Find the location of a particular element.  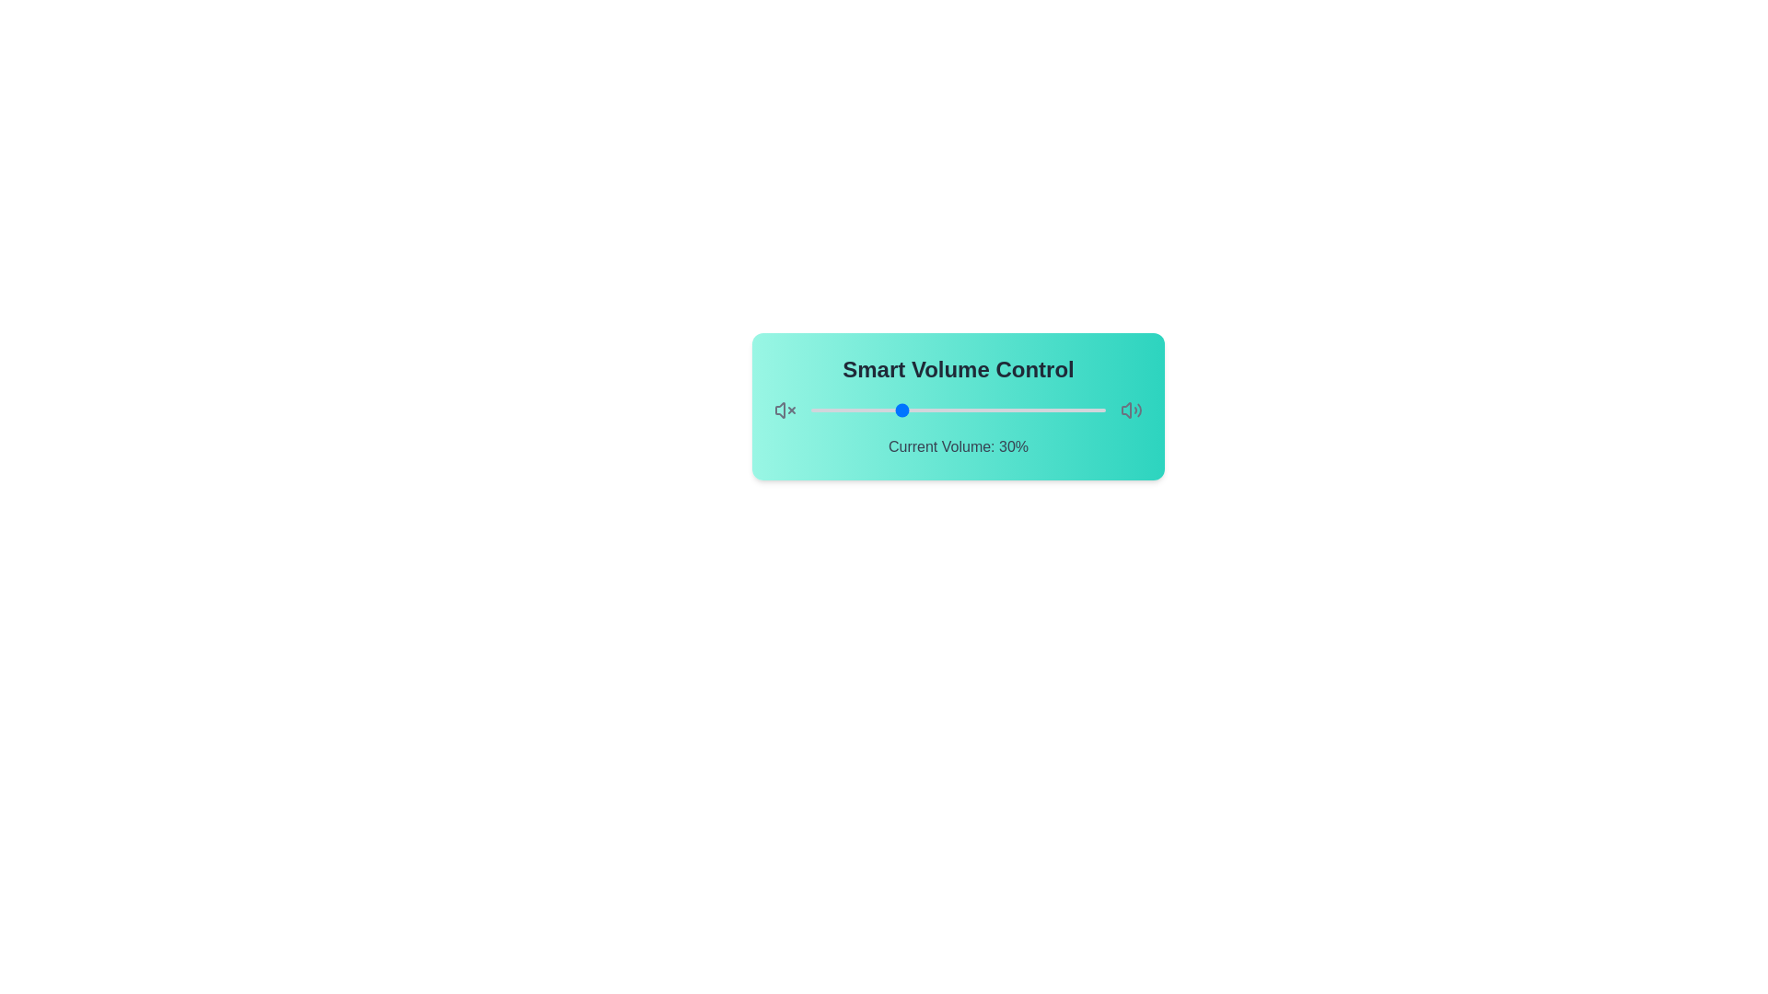

the volume slider to set the volume to 70% is located at coordinates (1016, 410).